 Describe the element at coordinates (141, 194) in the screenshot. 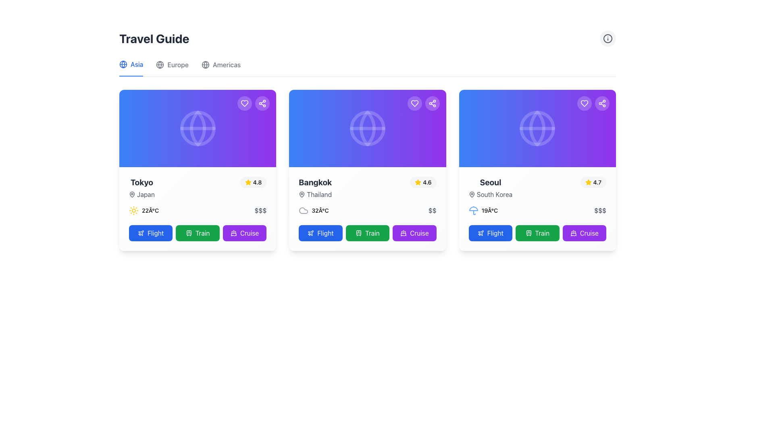

I see `the text label displaying 'Japan' located below the 'Tokyo' section in the travel guide interface` at that location.